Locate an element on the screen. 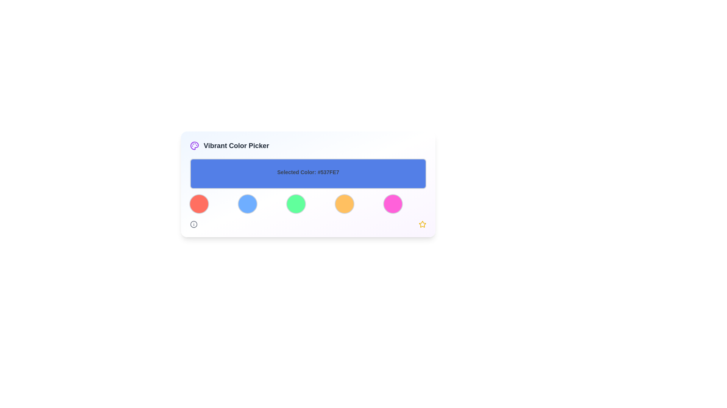 This screenshot has height=408, width=727. the vibrant orange circular button located in the 'Vibrant Color Picker' grid is located at coordinates (344, 204).